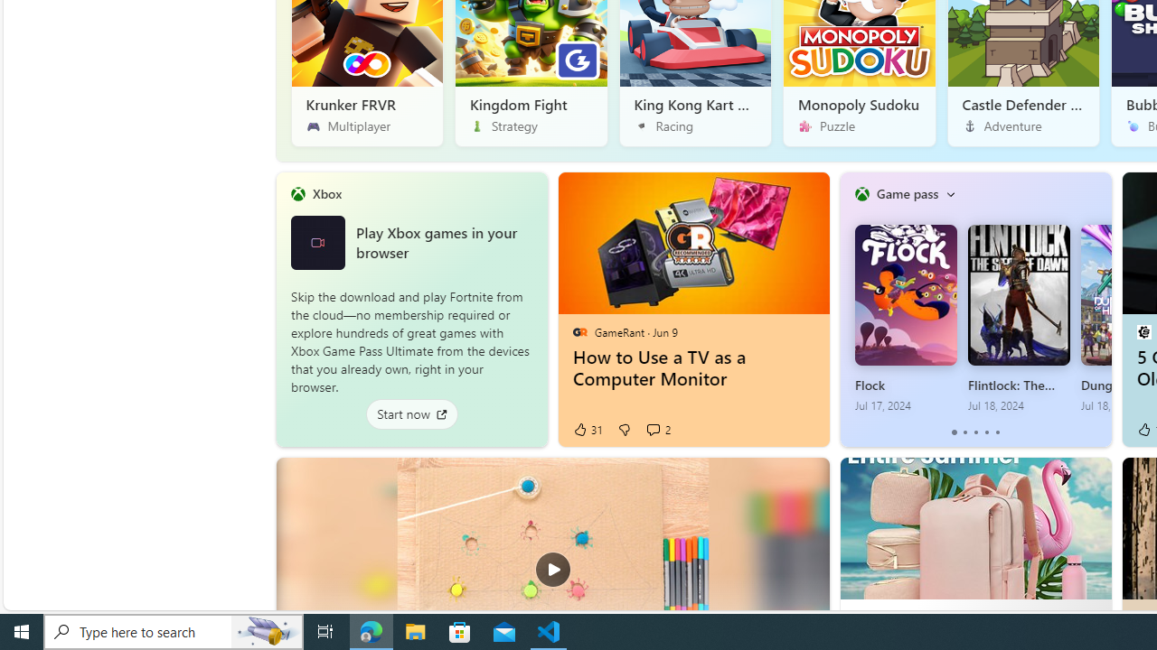 The width and height of the screenshot is (1157, 650). What do you see at coordinates (1101, 309) in the screenshot?
I see `'Class: next-flipper'` at bounding box center [1101, 309].